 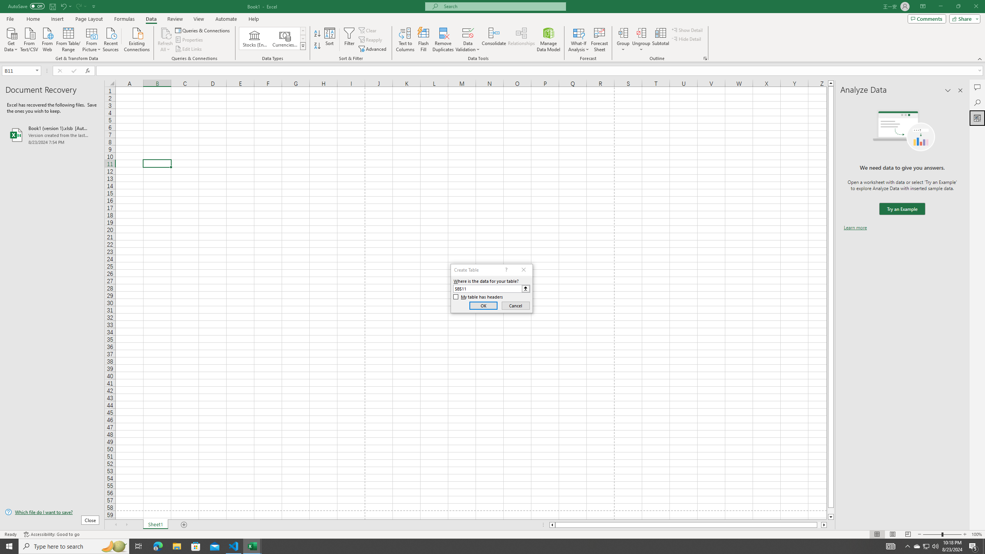 I want to click on 'Data', so click(x=150, y=19).